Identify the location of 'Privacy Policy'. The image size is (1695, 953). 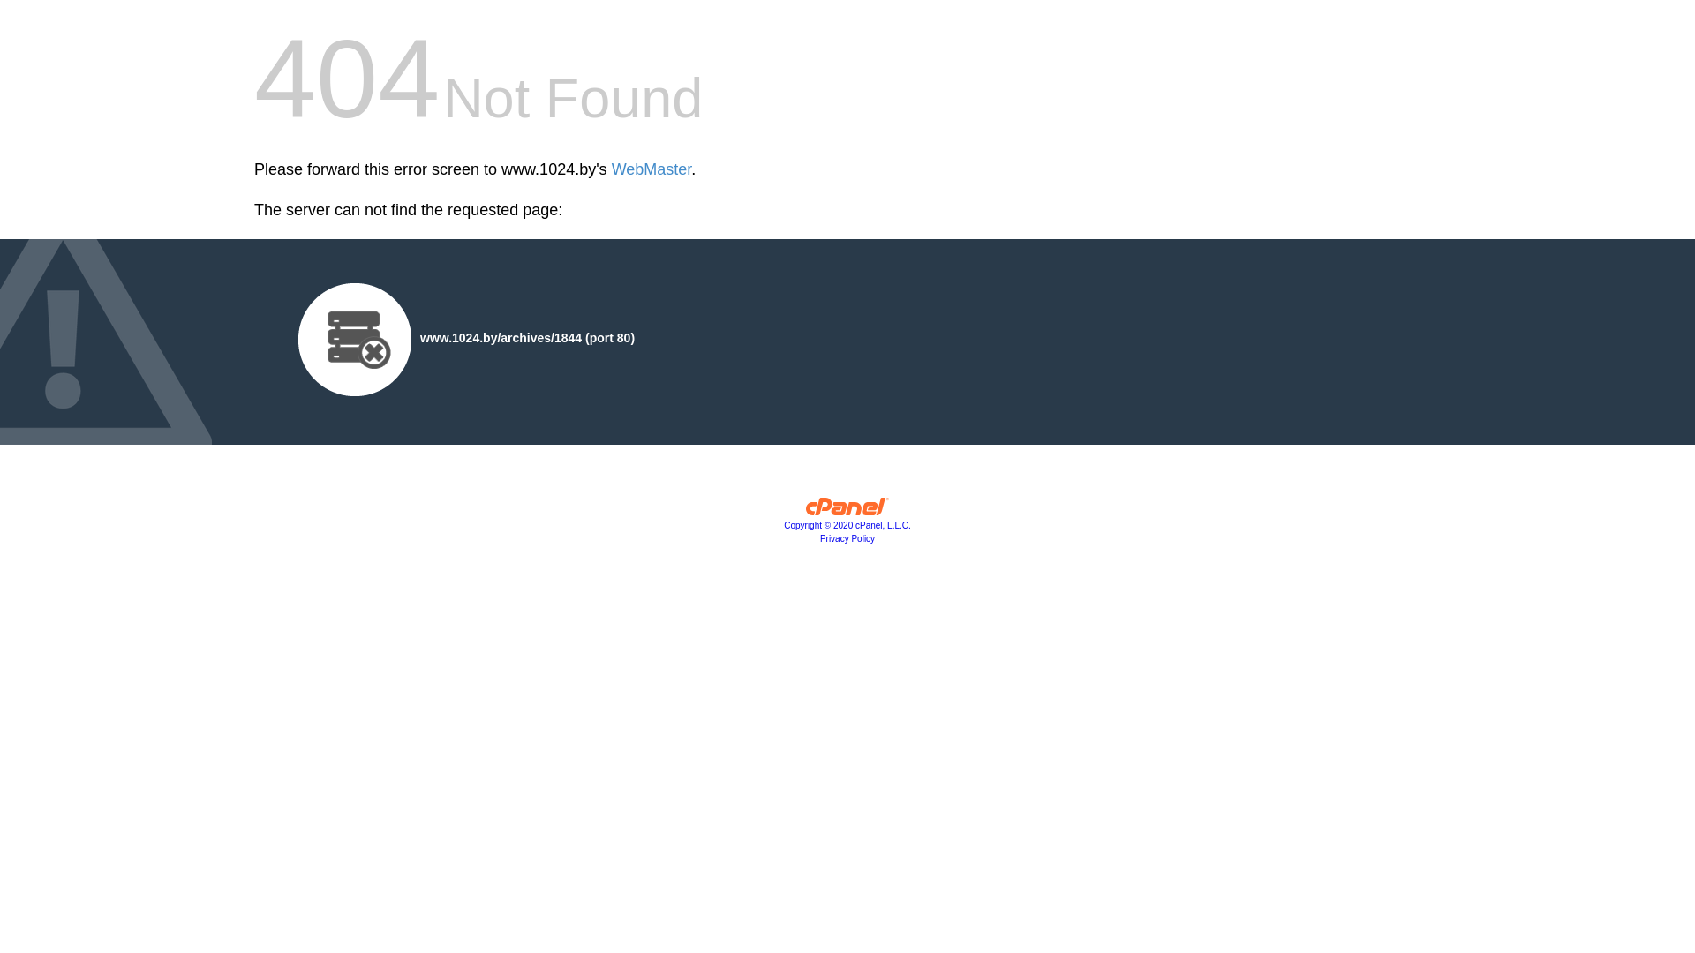
(847, 537).